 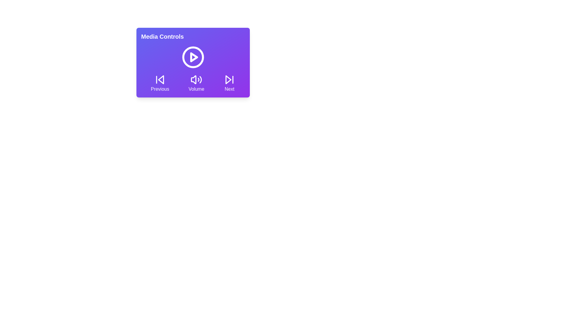 What do you see at coordinates (160, 83) in the screenshot?
I see `the 'Previous' button to skip to the previous media` at bounding box center [160, 83].